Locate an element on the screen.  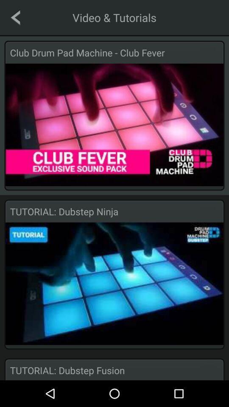
the club drum pad icon is located at coordinates (114, 52).